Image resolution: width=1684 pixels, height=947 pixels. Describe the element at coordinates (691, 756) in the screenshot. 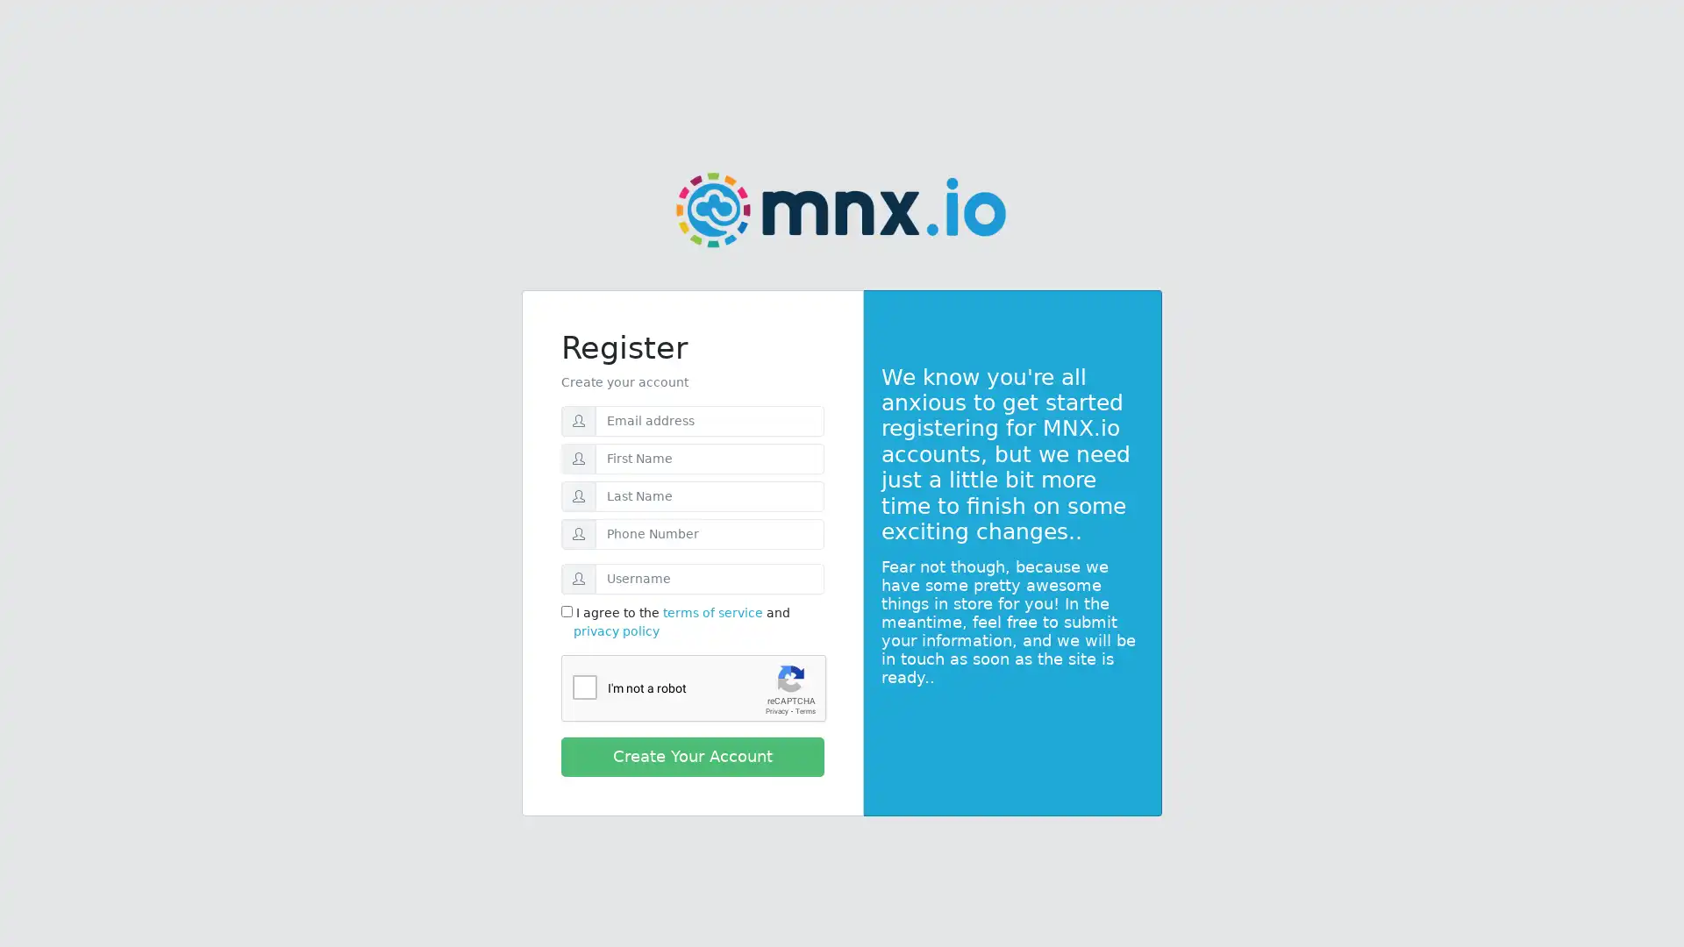

I see `Create Your Account` at that location.